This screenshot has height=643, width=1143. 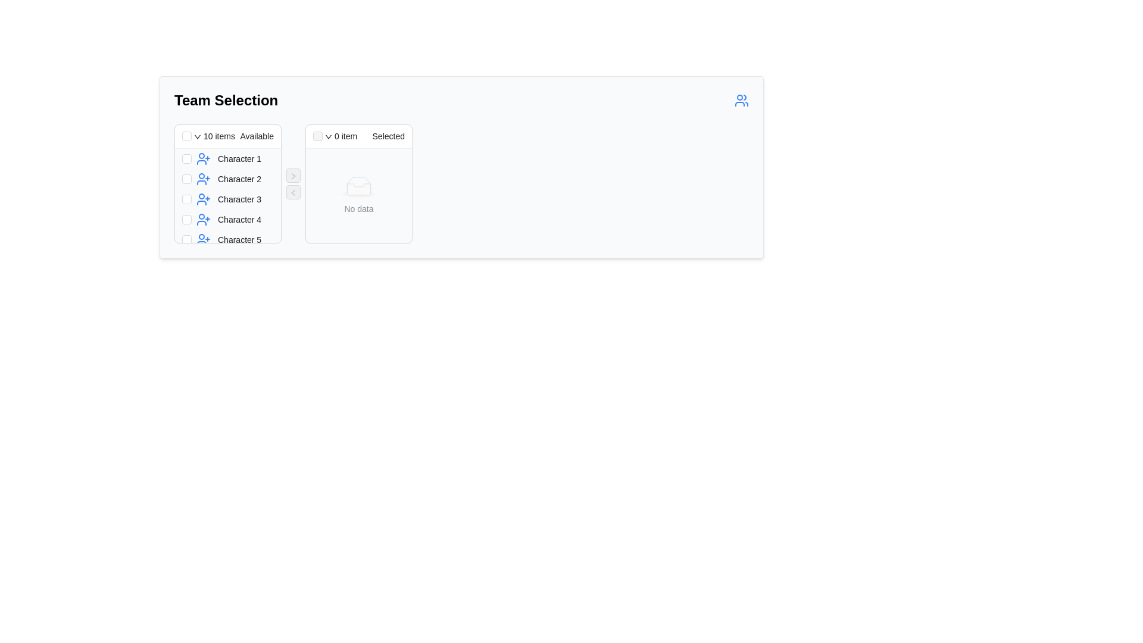 I want to click on the right-pointing arrow icon located in the center column of the layout, so click(x=293, y=176).